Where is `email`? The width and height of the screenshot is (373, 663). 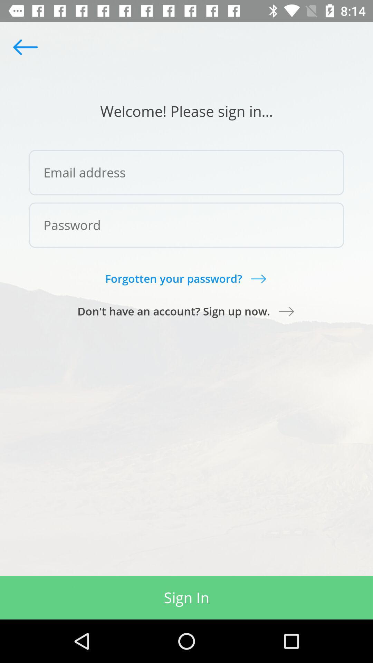
email is located at coordinates (186, 172).